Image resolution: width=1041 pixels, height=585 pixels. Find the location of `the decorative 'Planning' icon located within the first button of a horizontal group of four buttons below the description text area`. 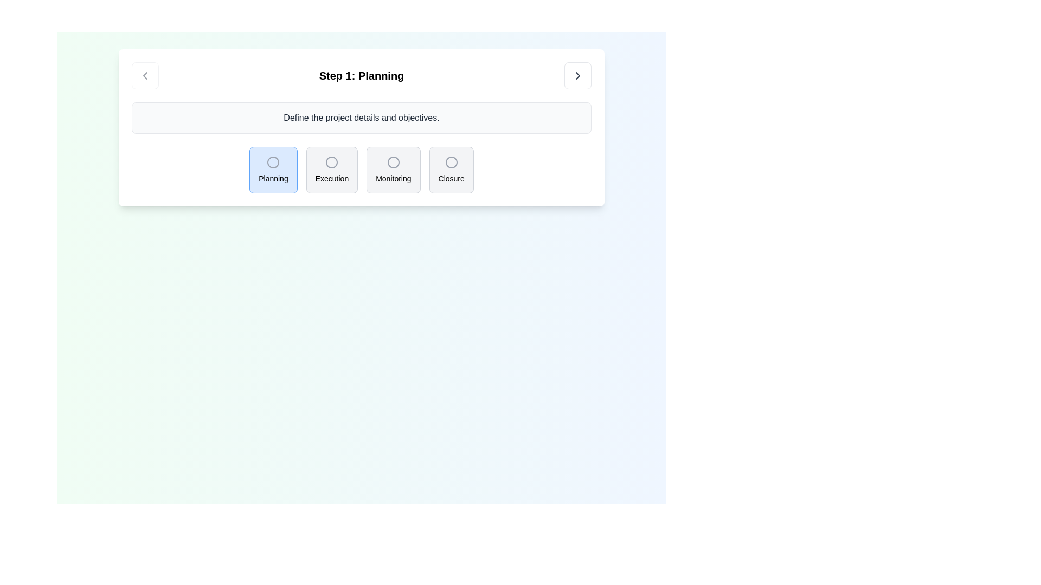

the decorative 'Planning' icon located within the first button of a horizontal group of four buttons below the description text area is located at coordinates (273, 162).